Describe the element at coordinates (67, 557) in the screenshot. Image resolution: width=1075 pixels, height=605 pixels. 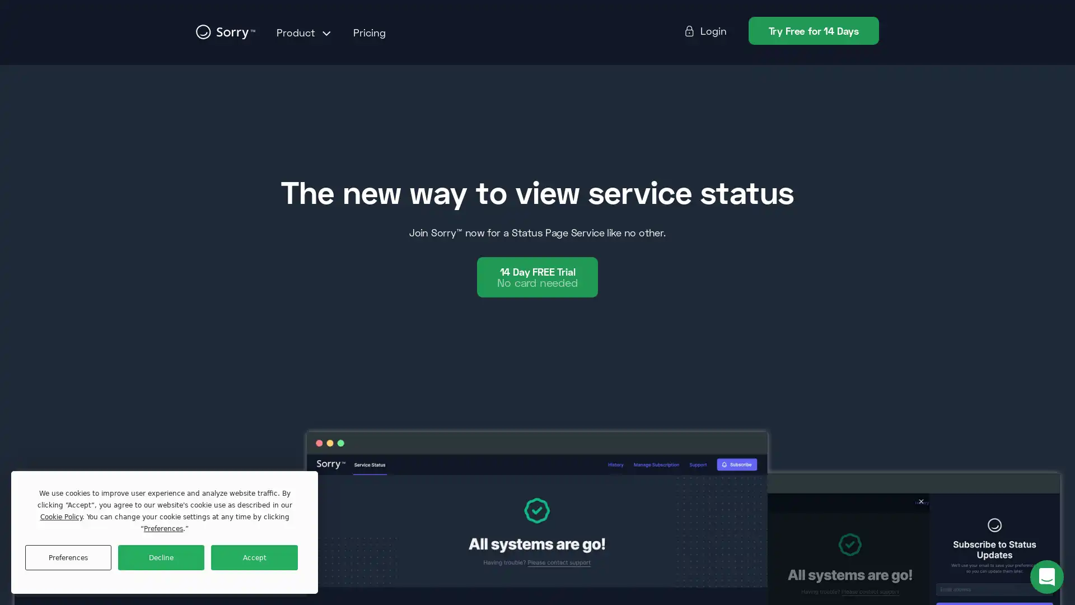
I see `Preferences` at that location.